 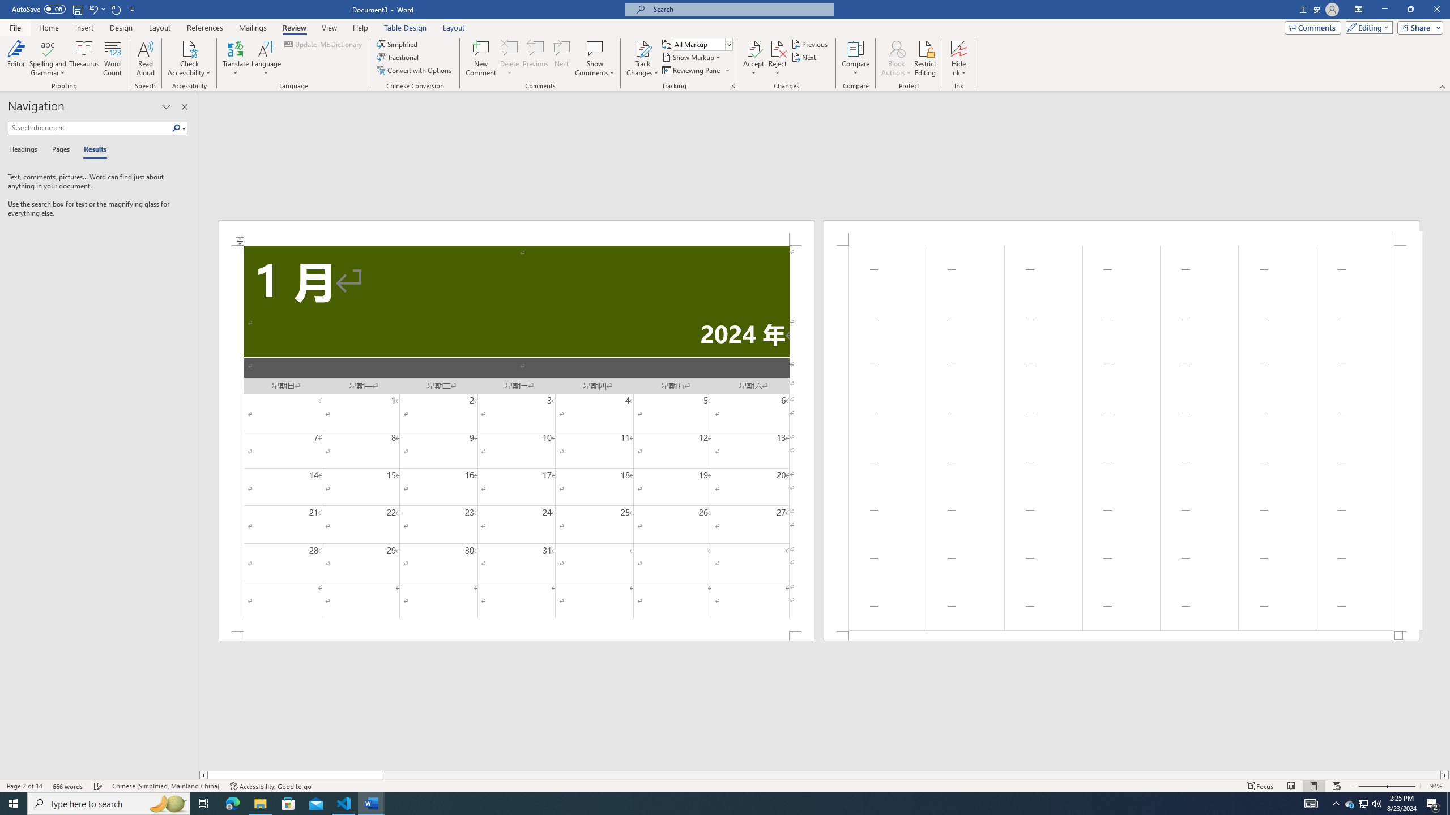 I want to click on 'Read Aloud', so click(x=145, y=58).